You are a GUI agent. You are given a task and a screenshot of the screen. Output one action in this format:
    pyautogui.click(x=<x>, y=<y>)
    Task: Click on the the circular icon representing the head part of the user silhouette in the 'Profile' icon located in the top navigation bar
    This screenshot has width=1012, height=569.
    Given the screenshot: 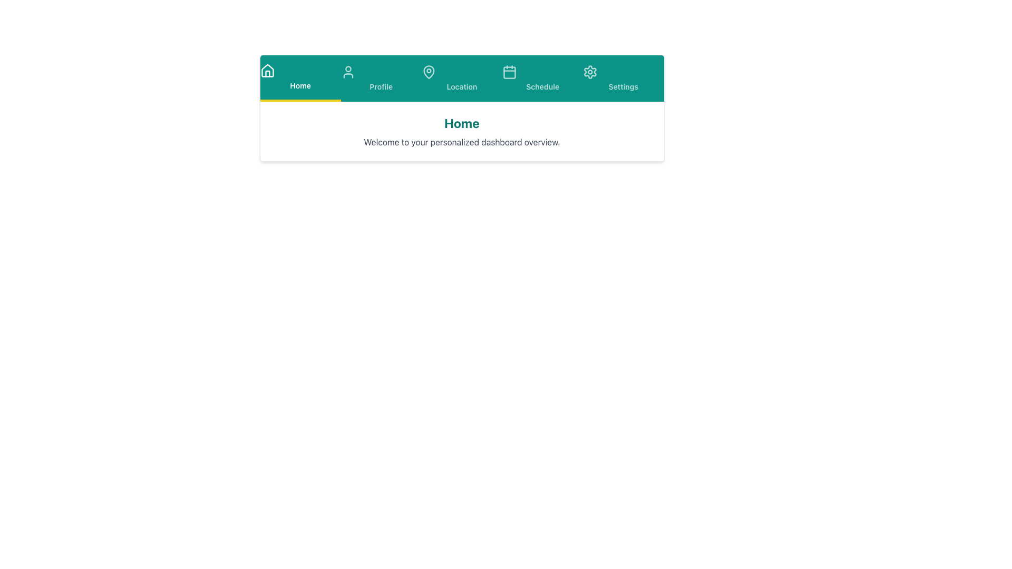 What is the action you would take?
    pyautogui.click(x=348, y=69)
    